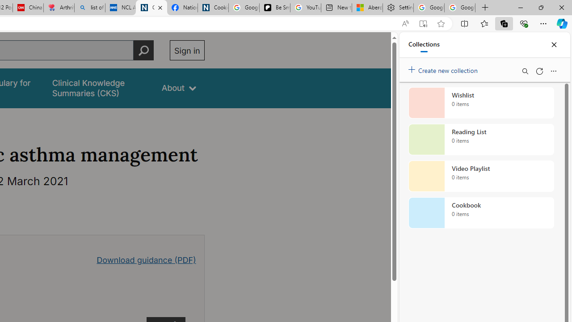  Describe the element at coordinates (143, 50) in the screenshot. I see `'Perform search'` at that location.